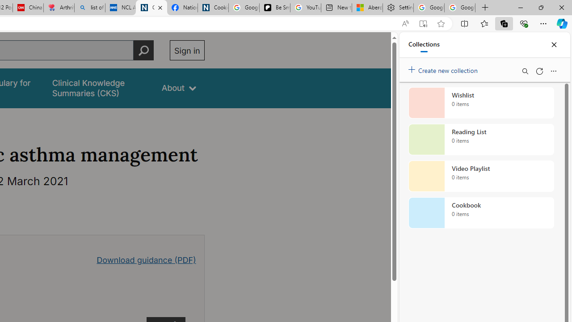  Describe the element at coordinates (143, 50) in the screenshot. I see `'Perform search'` at that location.